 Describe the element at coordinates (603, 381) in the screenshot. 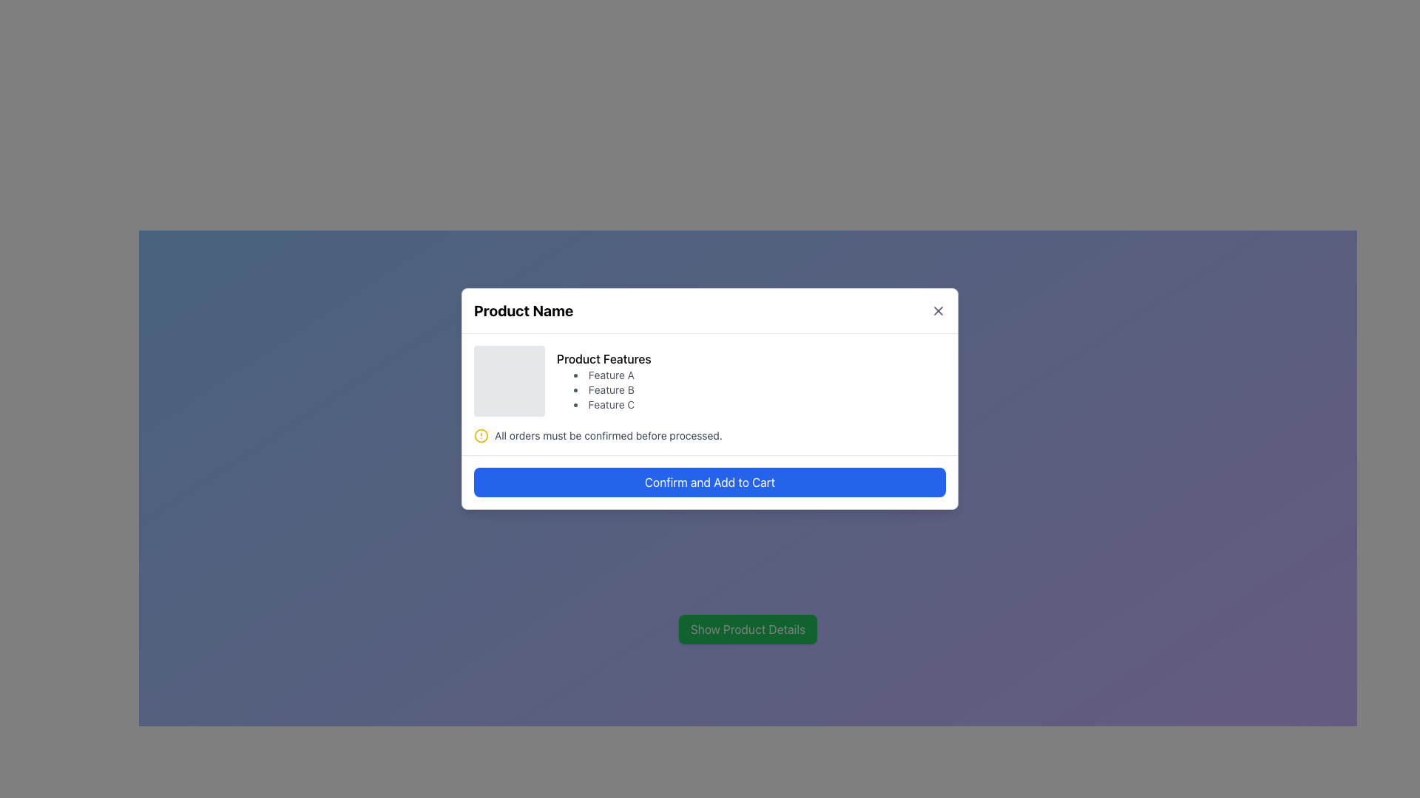

I see `text content block displaying 'Product Features' with a bulleted list of features: 'Feature A', 'Feature B', and 'Feature C'` at that location.